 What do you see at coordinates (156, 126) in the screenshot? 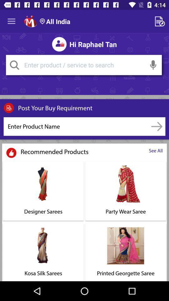
I see `option` at bounding box center [156, 126].